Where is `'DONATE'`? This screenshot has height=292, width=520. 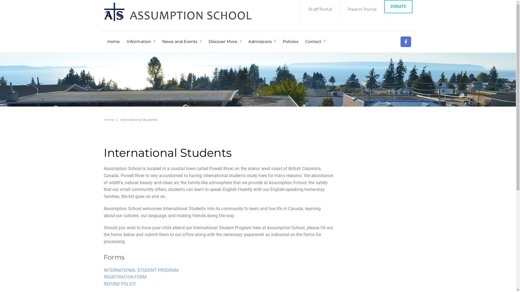
'DONATE' is located at coordinates (384, 6).